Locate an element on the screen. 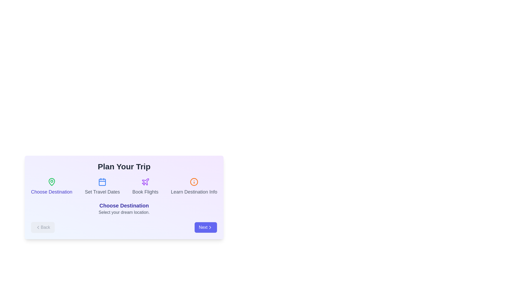  the informative text block that introduces users to selecting a travel destination, located below the row of icons and headings is located at coordinates (124, 209).